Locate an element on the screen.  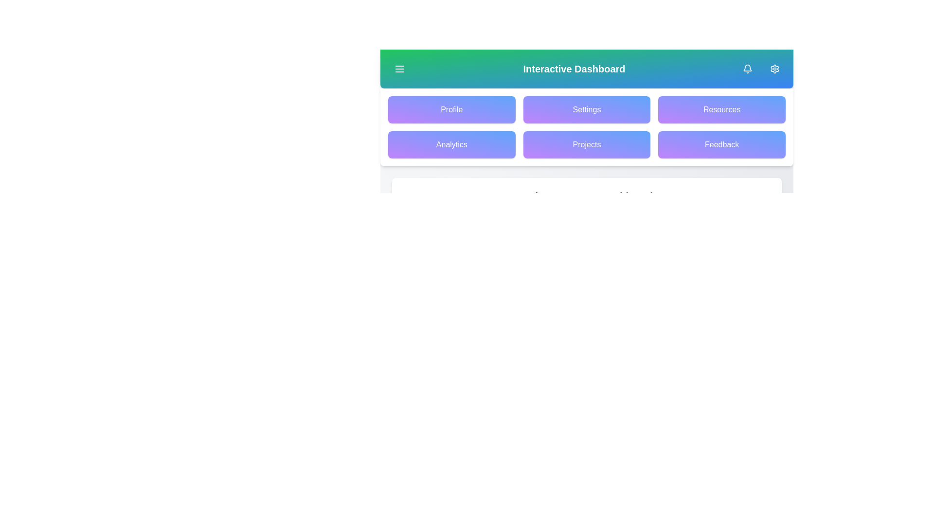
the Analytics button to navigate to the corresponding section is located at coordinates (450, 144).